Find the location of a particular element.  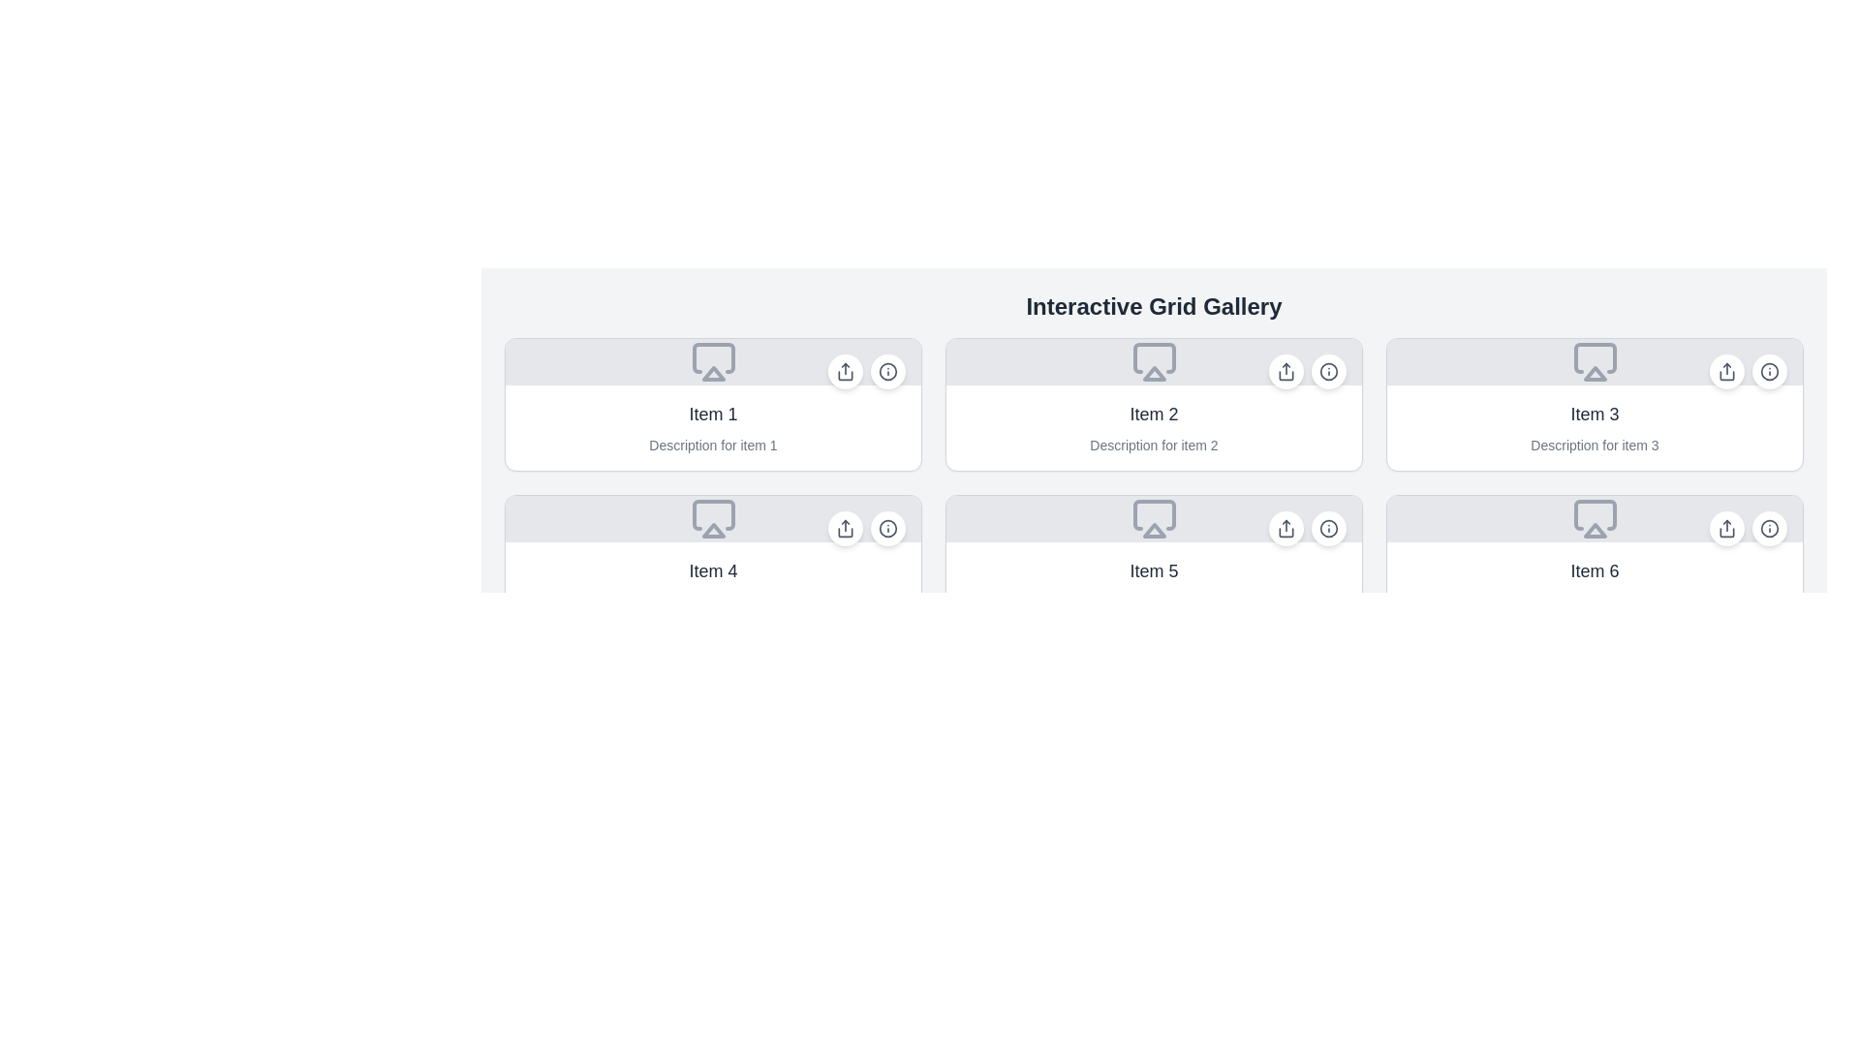

the first circular share button located in the upper-right corner of the 'Item 1' card is located at coordinates (846, 372).